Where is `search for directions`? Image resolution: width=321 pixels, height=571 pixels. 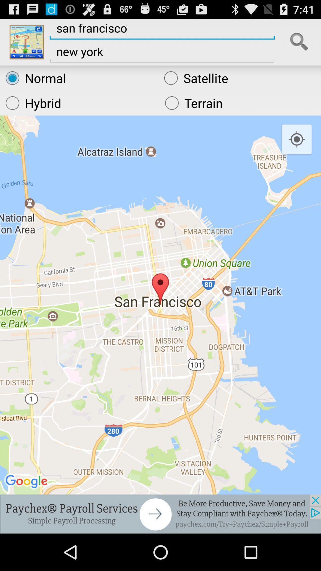
search for directions is located at coordinates (299, 42).